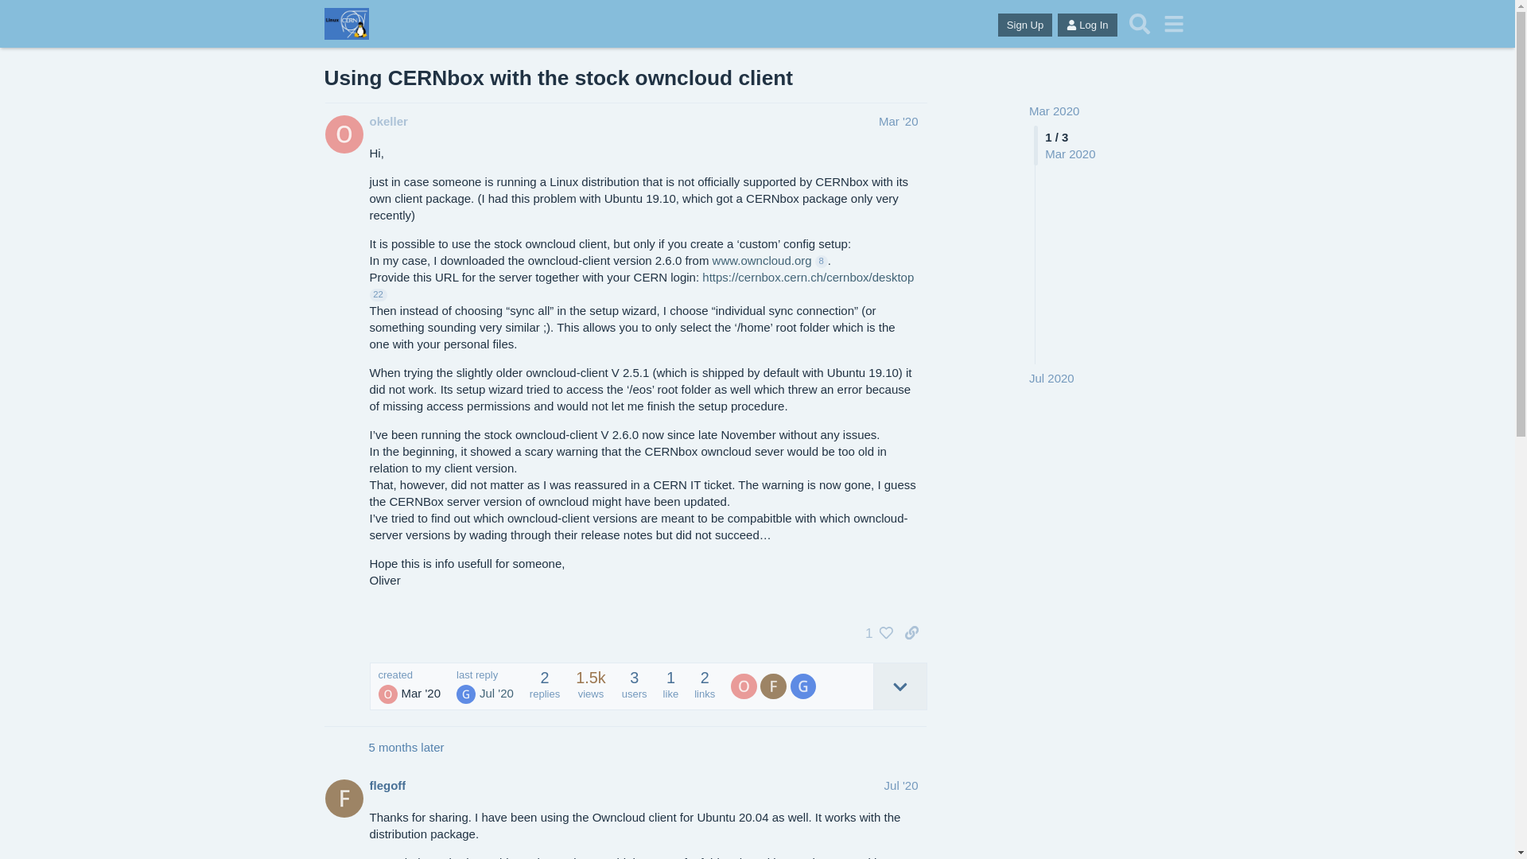  Describe the element at coordinates (874, 632) in the screenshot. I see `'1'` at that location.